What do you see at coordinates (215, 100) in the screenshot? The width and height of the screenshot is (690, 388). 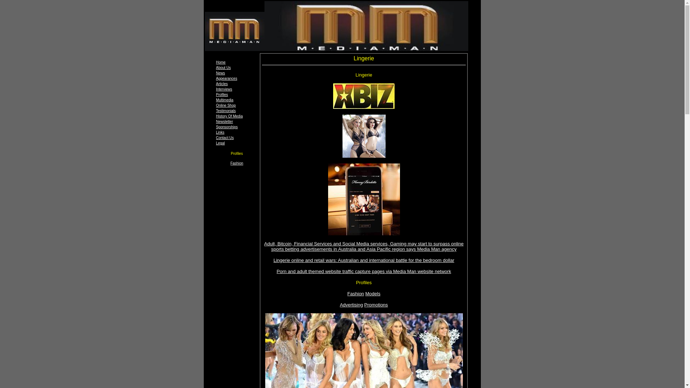 I see `'Multimedia'` at bounding box center [215, 100].